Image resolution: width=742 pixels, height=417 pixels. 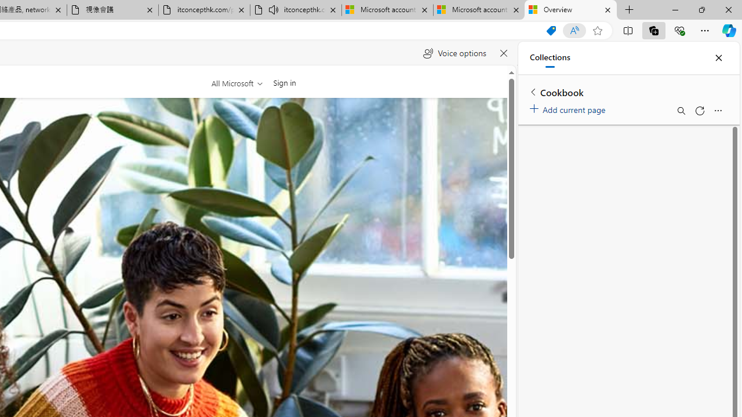 I want to click on 'itconcepthk.com/projector_solutions.mp4 - Audio playing', so click(x=296, y=10).